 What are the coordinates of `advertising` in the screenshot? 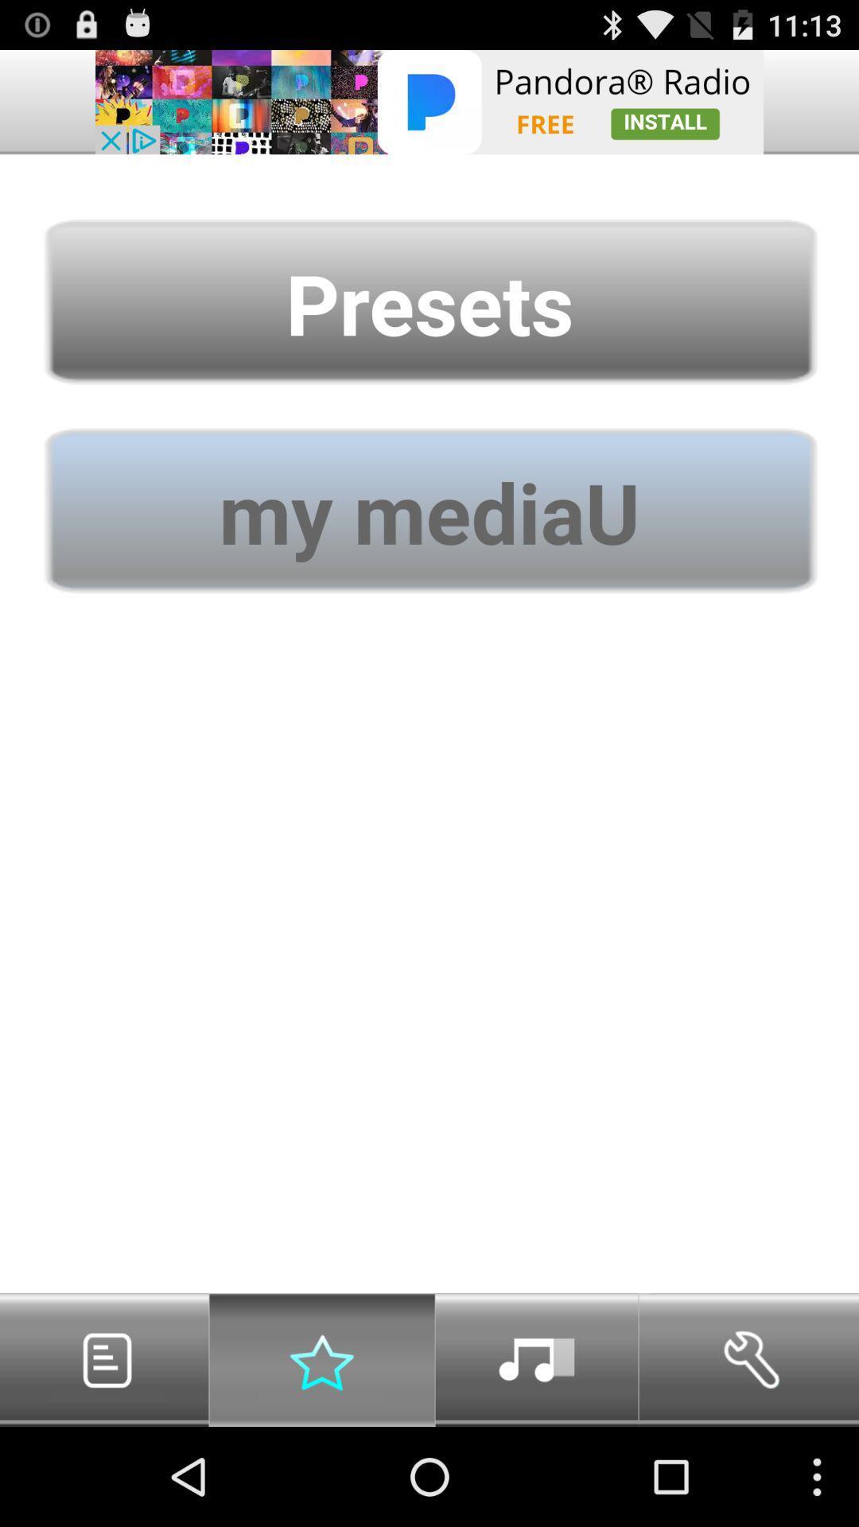 It's located at (429, 101).